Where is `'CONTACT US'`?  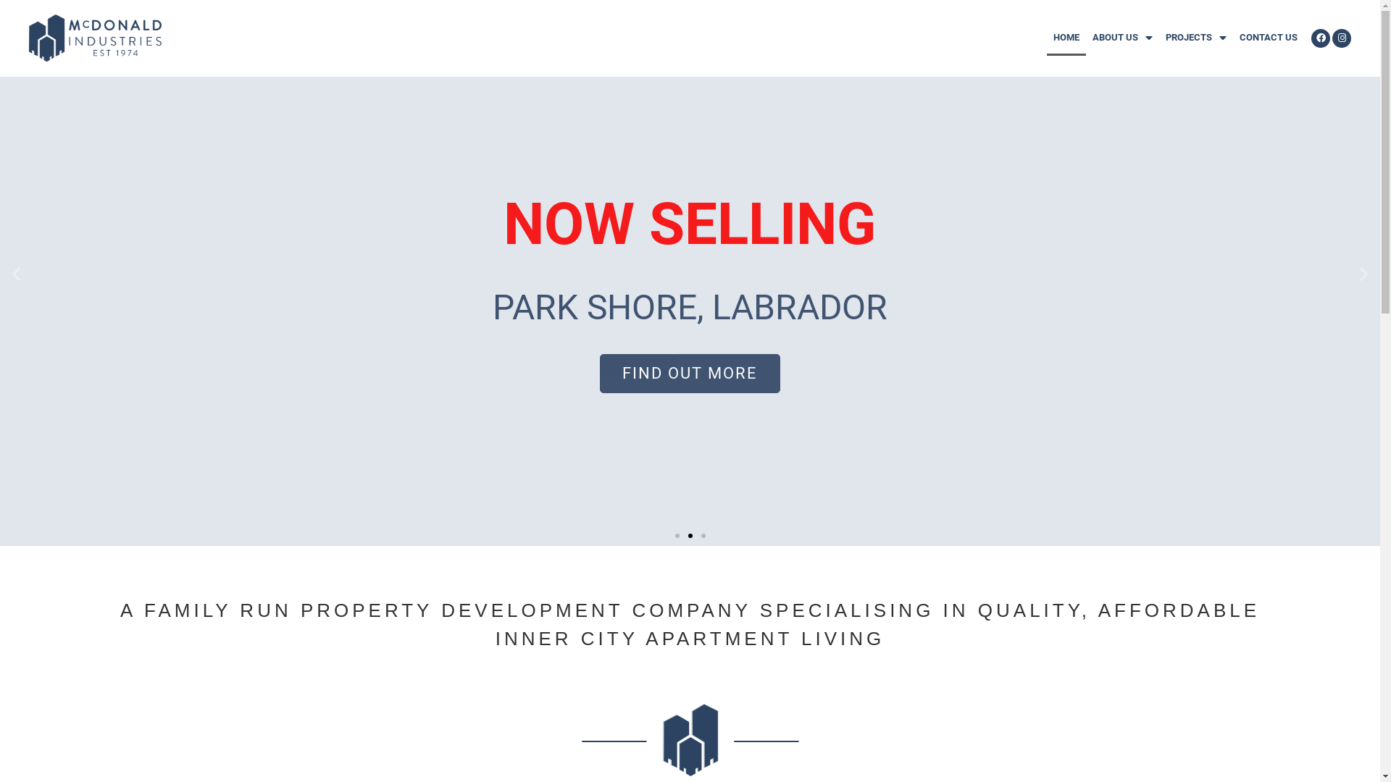
'CONTACT US' is located at coordinates (1268, 37).